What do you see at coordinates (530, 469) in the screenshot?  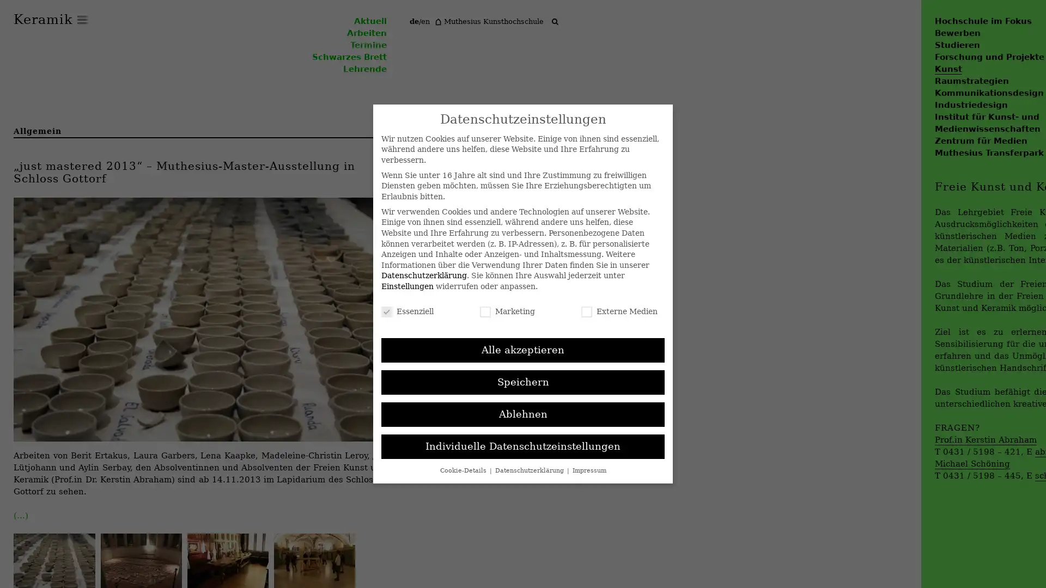 I see `Datenschutzerklarung` at bounding box center [530, 469].